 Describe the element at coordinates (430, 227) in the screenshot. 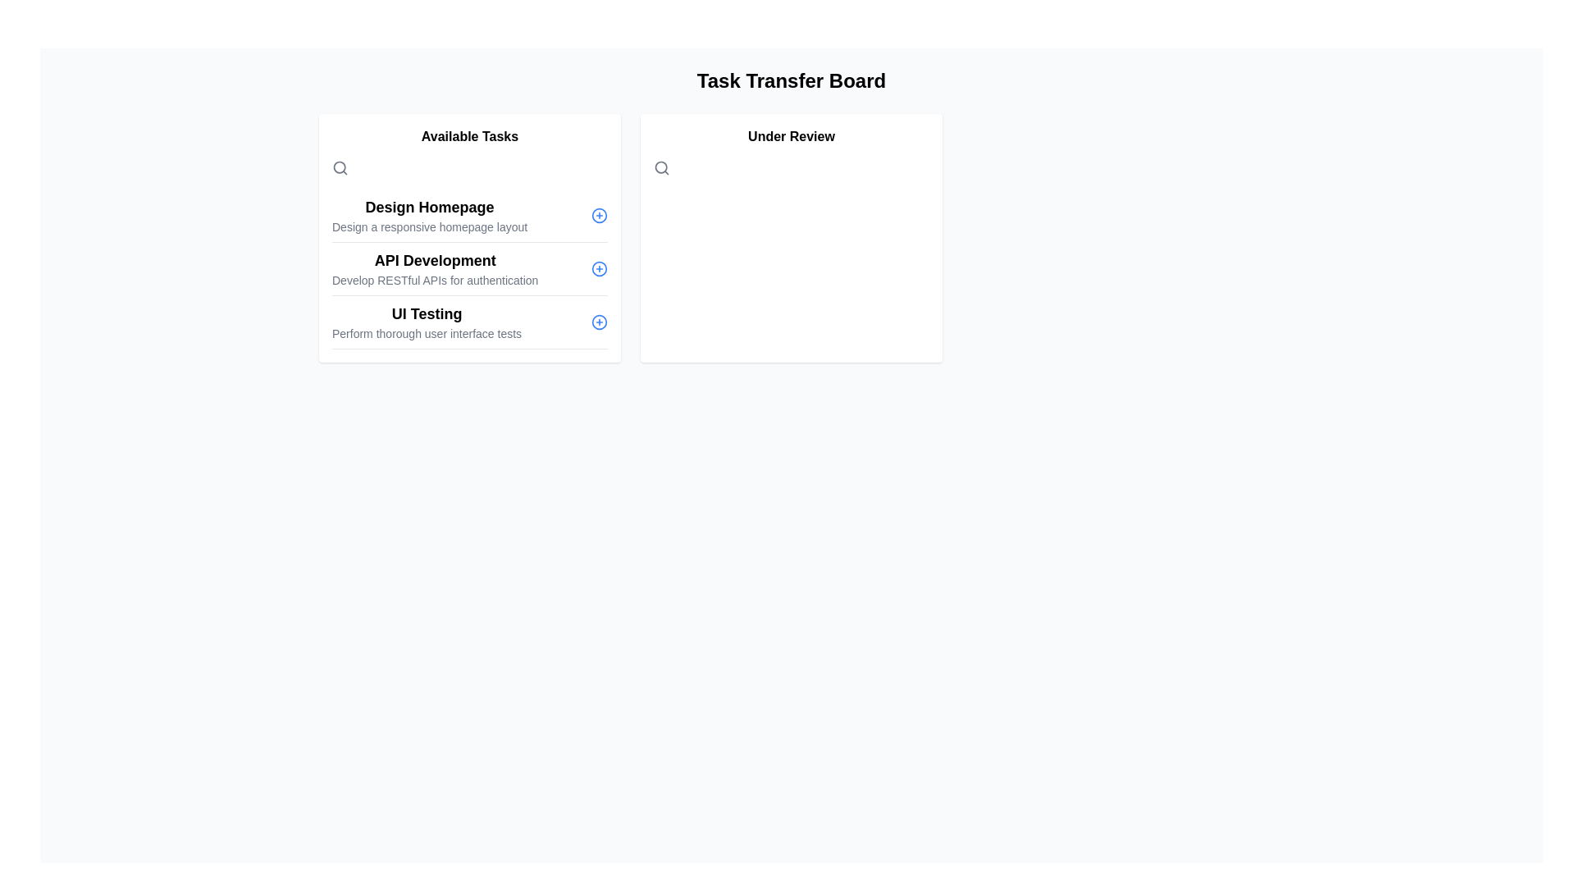

I see `the Text label located below 'Design Homepage' in the 'Available Tasks' section` at that location.